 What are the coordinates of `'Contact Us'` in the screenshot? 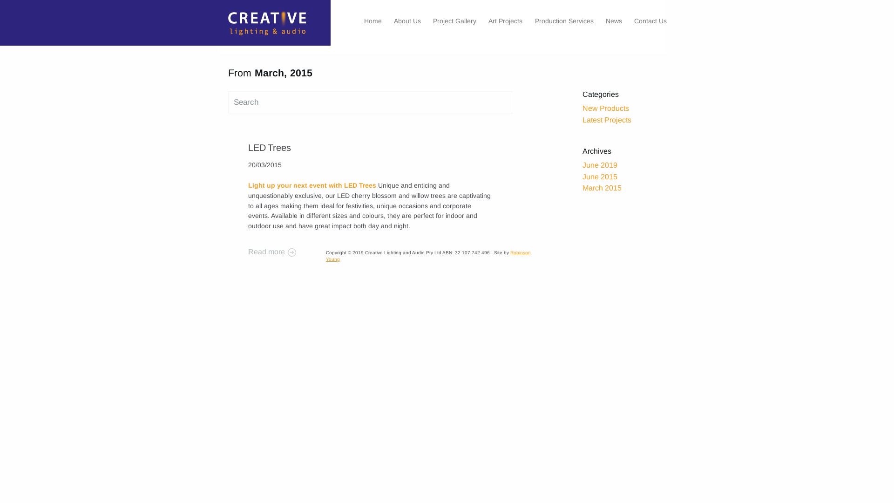 It's located at (650, 21).